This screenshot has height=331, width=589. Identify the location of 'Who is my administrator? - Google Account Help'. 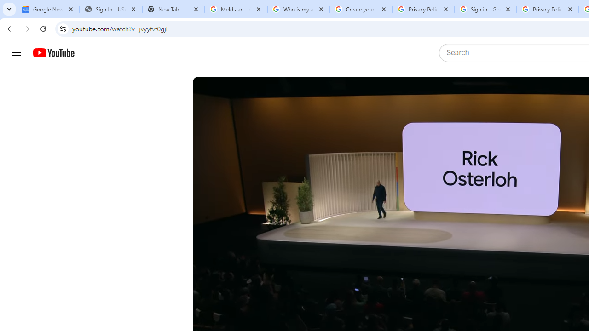
(298, 9).